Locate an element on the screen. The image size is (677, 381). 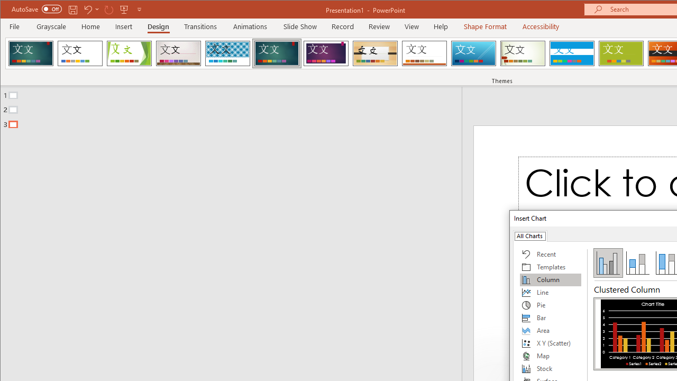
'Pie' is located at coordinates (550, 305).